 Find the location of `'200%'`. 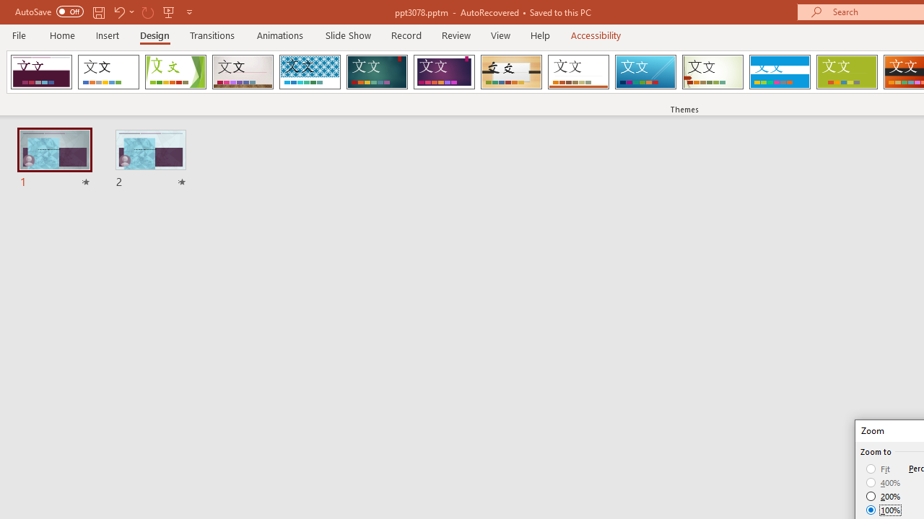

'200%' is located at coordinates (883, 496).